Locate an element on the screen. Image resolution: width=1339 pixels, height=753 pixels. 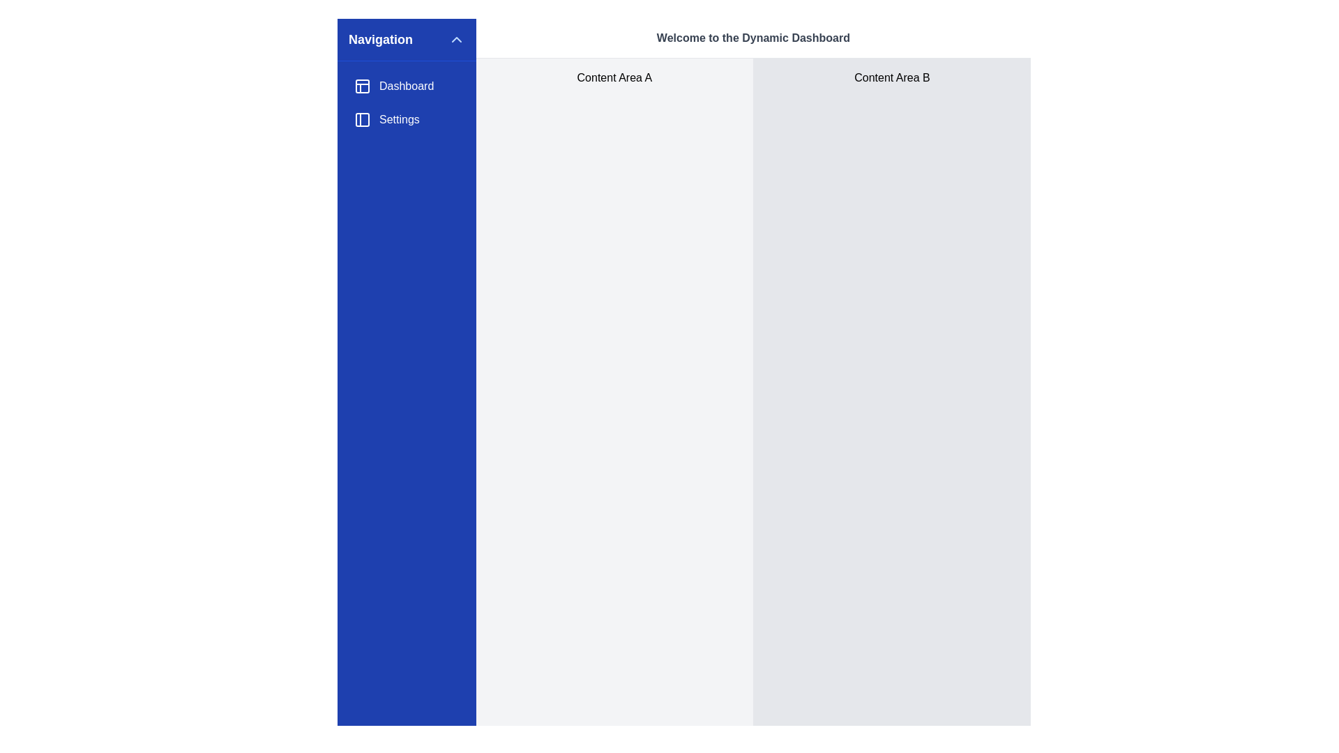
the dashboard icon, which is a rounded rectangle styled element located in the left sidebar, above the 'Settings' option and to the left of the 'Dashboard' text label is located at coordinates (362, 86).